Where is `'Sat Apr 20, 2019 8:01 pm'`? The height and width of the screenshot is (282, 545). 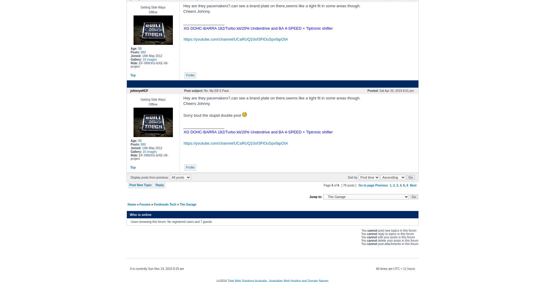 'Sat Apr 20, 2019 8:01 pm' is located at coordinates (378, 91).